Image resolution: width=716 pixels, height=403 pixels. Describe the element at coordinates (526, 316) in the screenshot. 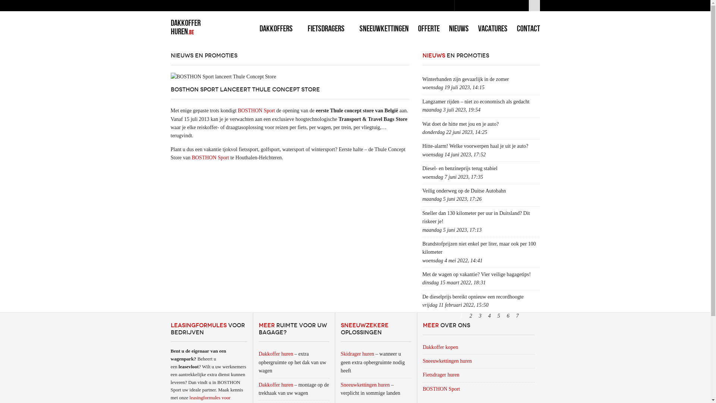

I see `'Ga naar volgende pagina'` at that location.